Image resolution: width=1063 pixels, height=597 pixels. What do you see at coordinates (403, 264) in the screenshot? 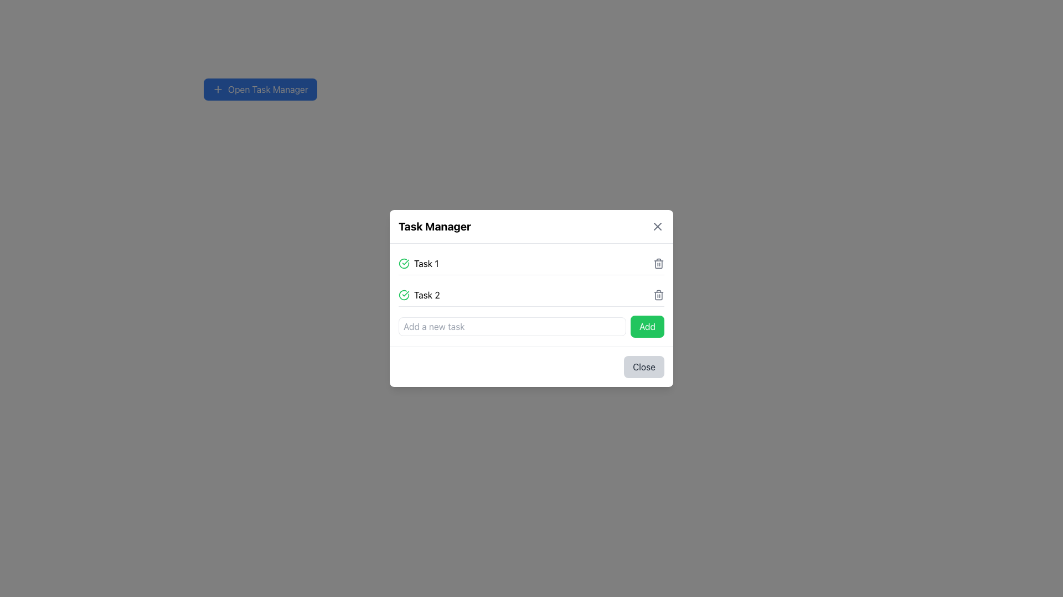
I see `the green circular checkmark icon that is part of the 'Task 1' entry in the task list` at bounding box center [403, 264].